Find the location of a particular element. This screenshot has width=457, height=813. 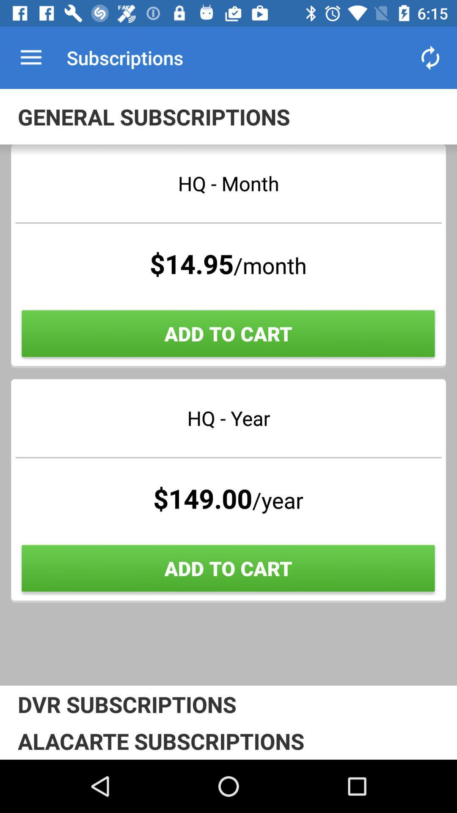

the item next to the subscriptions item is located at coordinates (430, 57).